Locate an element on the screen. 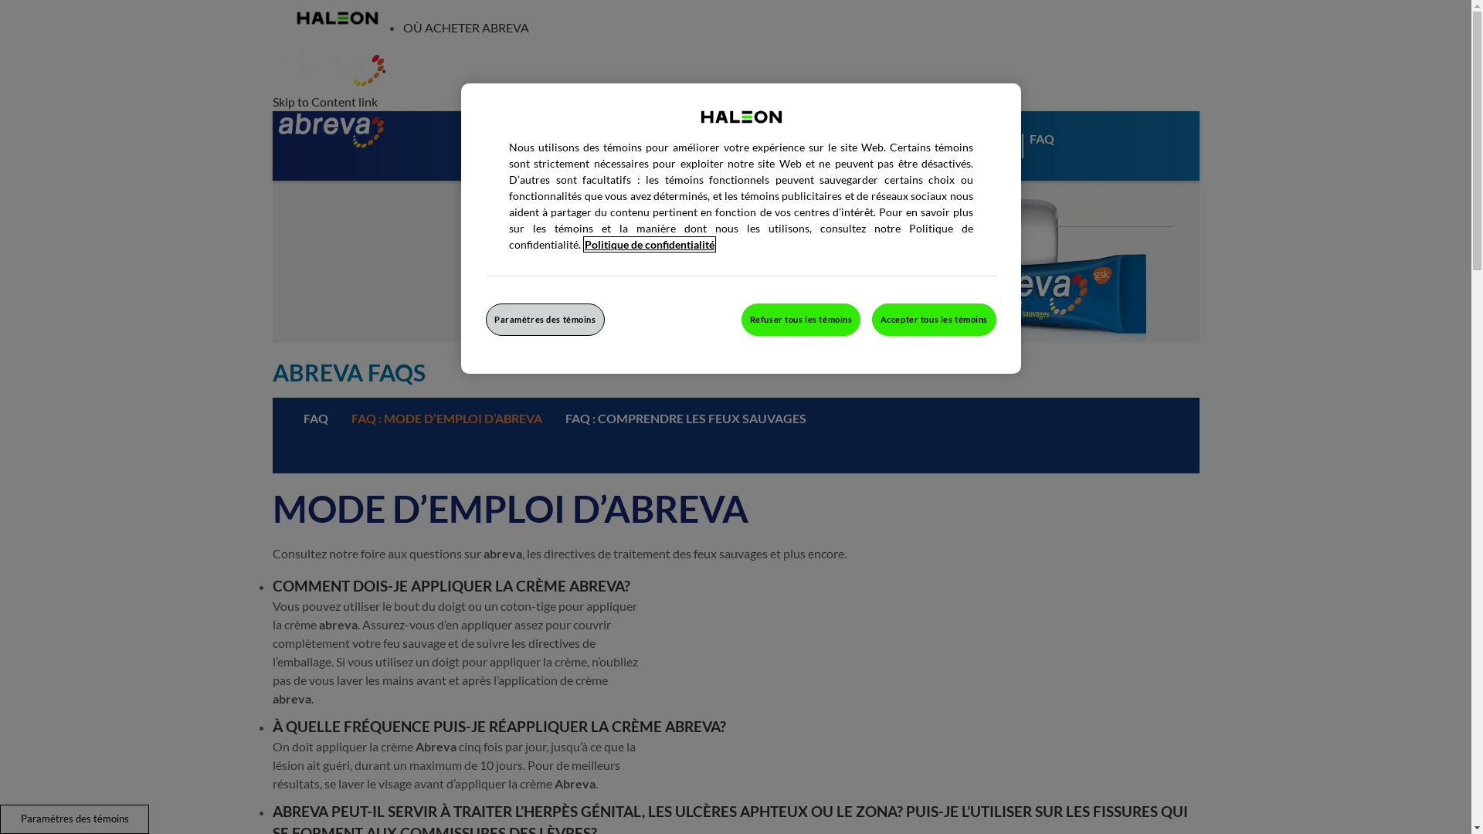 This screenshot has height=834, width=1483. 'FAQ : COMPRENDRE LES FEUX SAUVAGES' is located at coordinates (685, 419).